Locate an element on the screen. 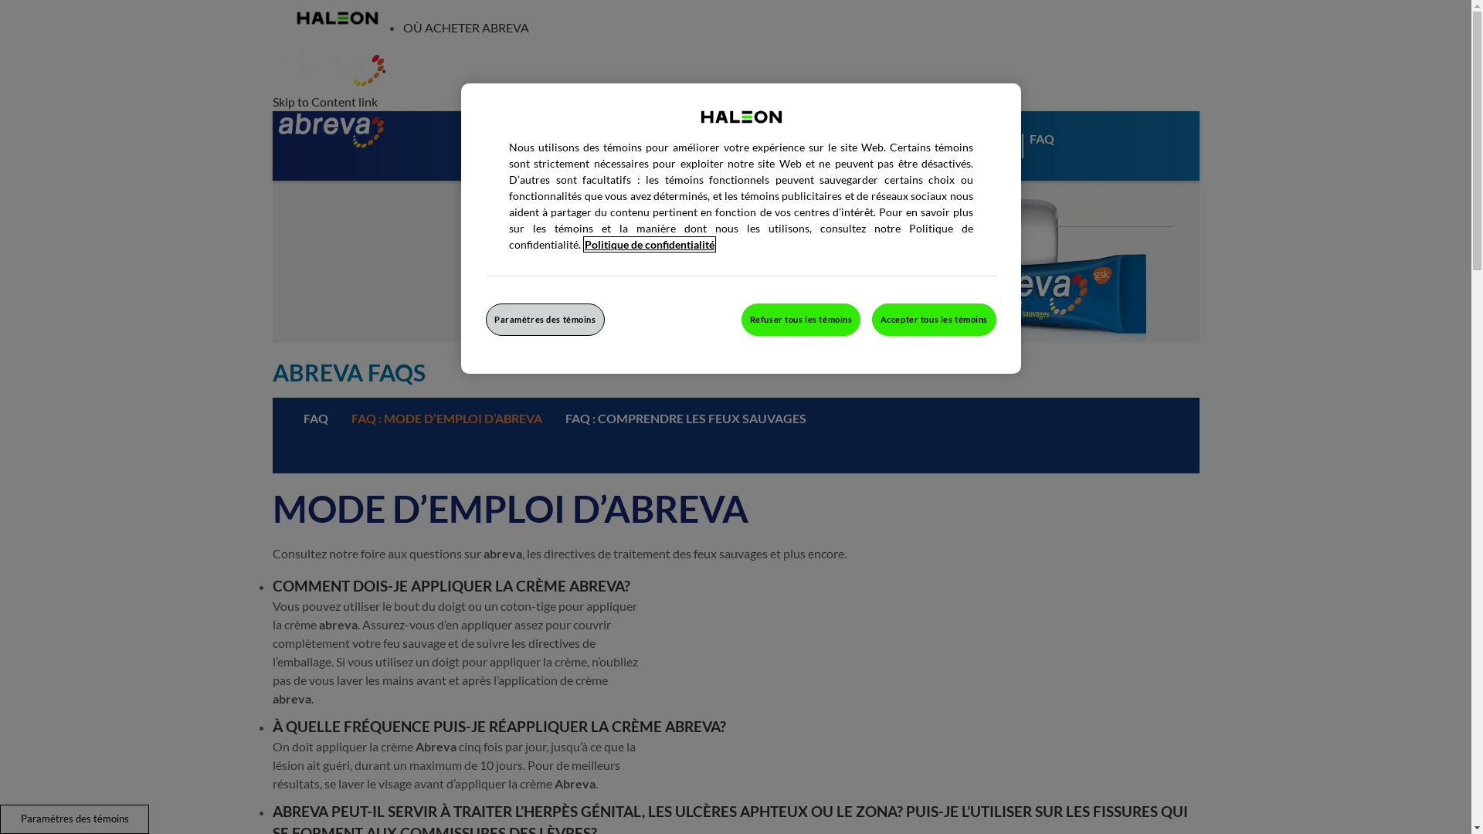 This screenshot has height=834, width=1483. 'FAQ : COMPRENDRE LES FEUX SAUVAGES' is located at coordinates (685, 419).